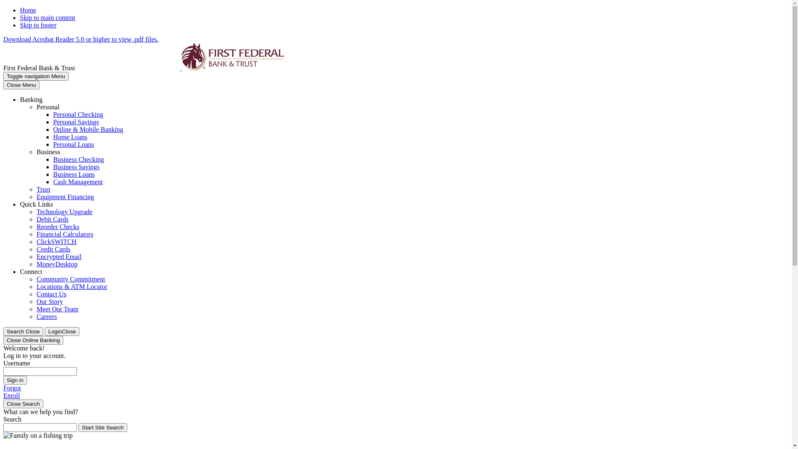 The width and height of the screenshot is (798, 449). What do you see at coordinates (47, 17) in the screenshot?
I see `'Skip to main content'` at bounding box center [47, 17].